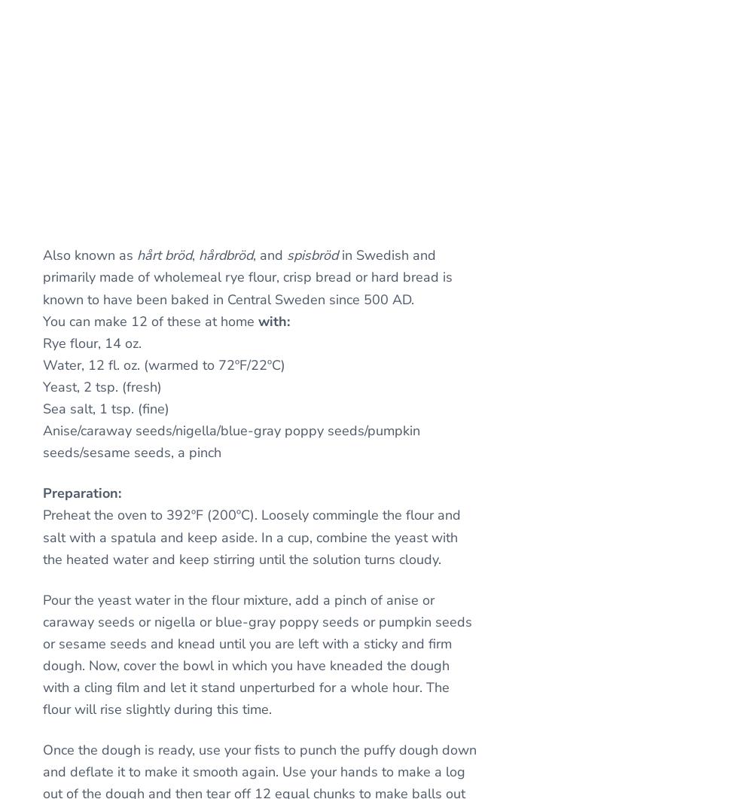 The width and height of the screenshot is (741, 799). I want to click on 'hårdbröd', so click(225, 254).